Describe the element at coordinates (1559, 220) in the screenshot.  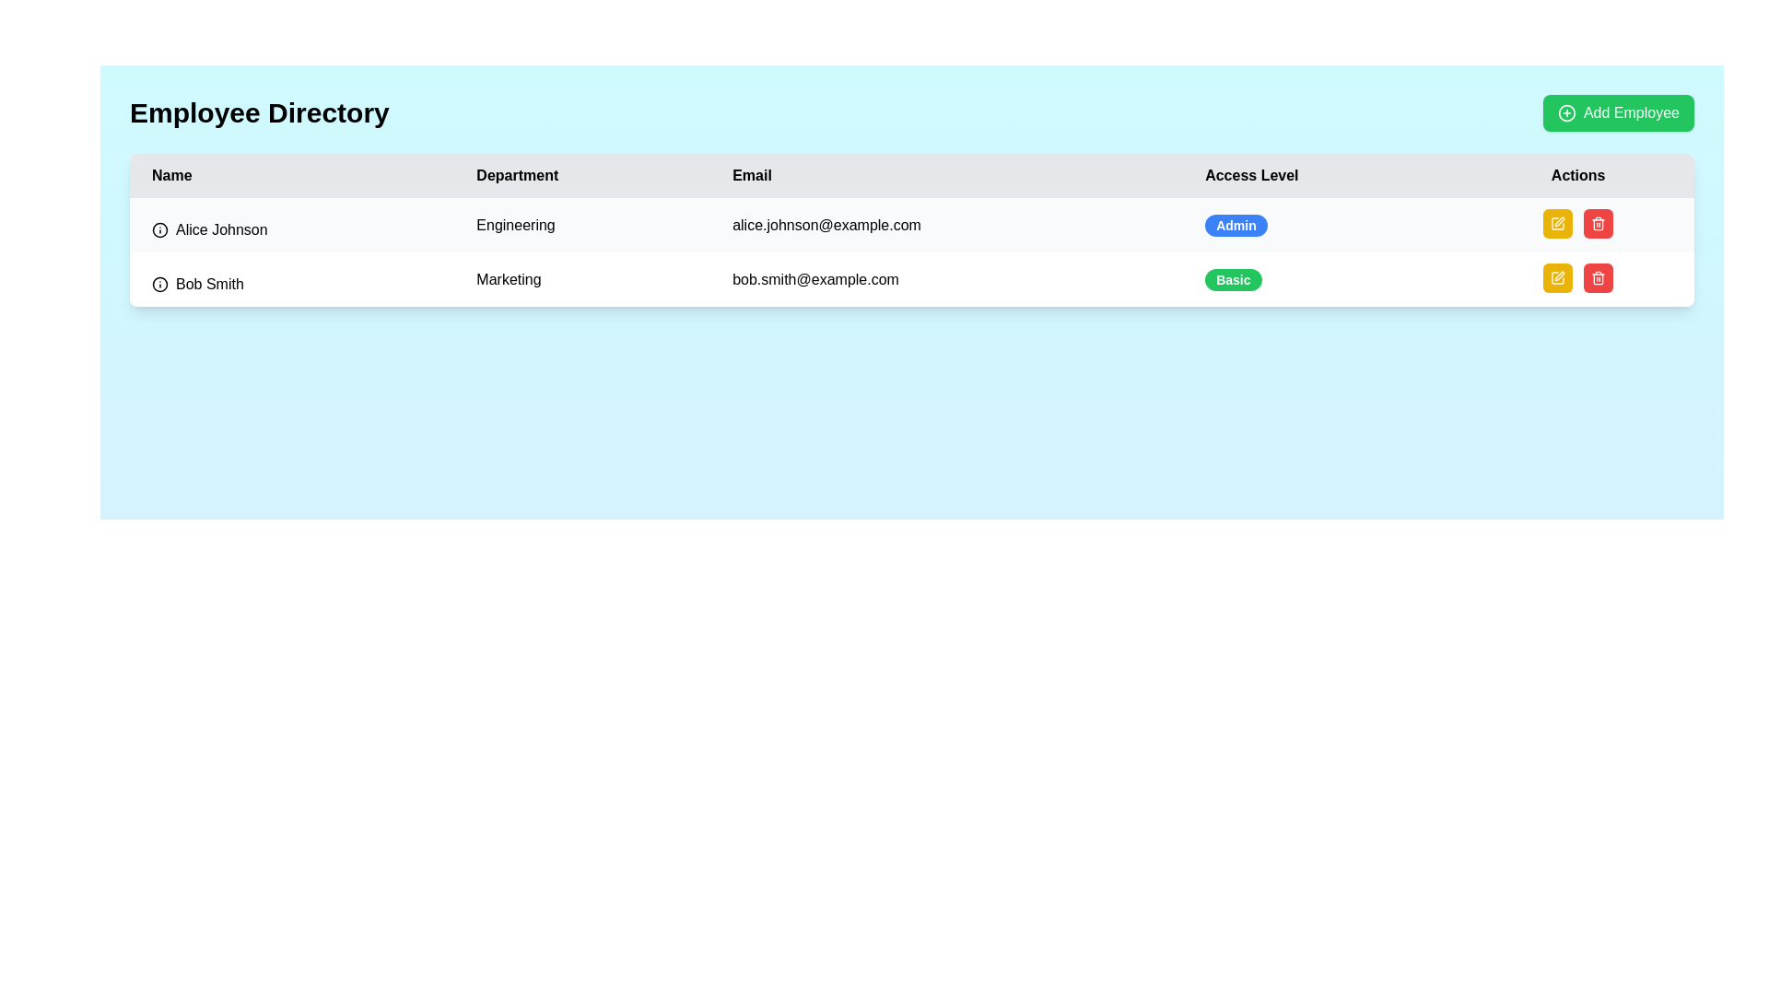
I see `the edit icon button resembling a pen in the Actions column of the employee record table for Bob Smith` at that location.